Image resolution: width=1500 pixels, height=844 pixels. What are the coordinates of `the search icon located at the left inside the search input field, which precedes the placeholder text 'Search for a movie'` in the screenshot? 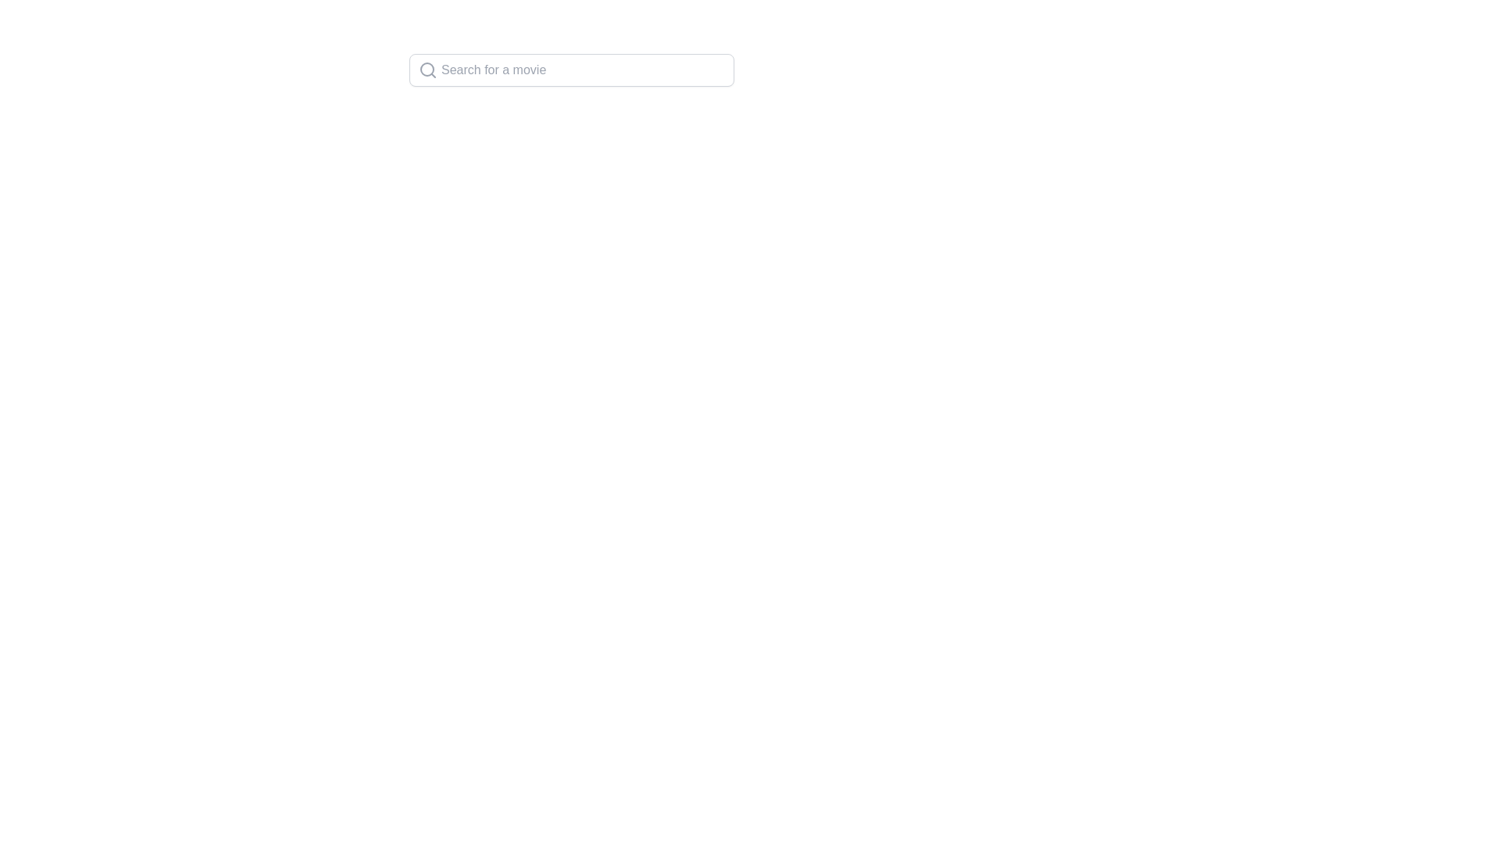 It's located at (427, 69).